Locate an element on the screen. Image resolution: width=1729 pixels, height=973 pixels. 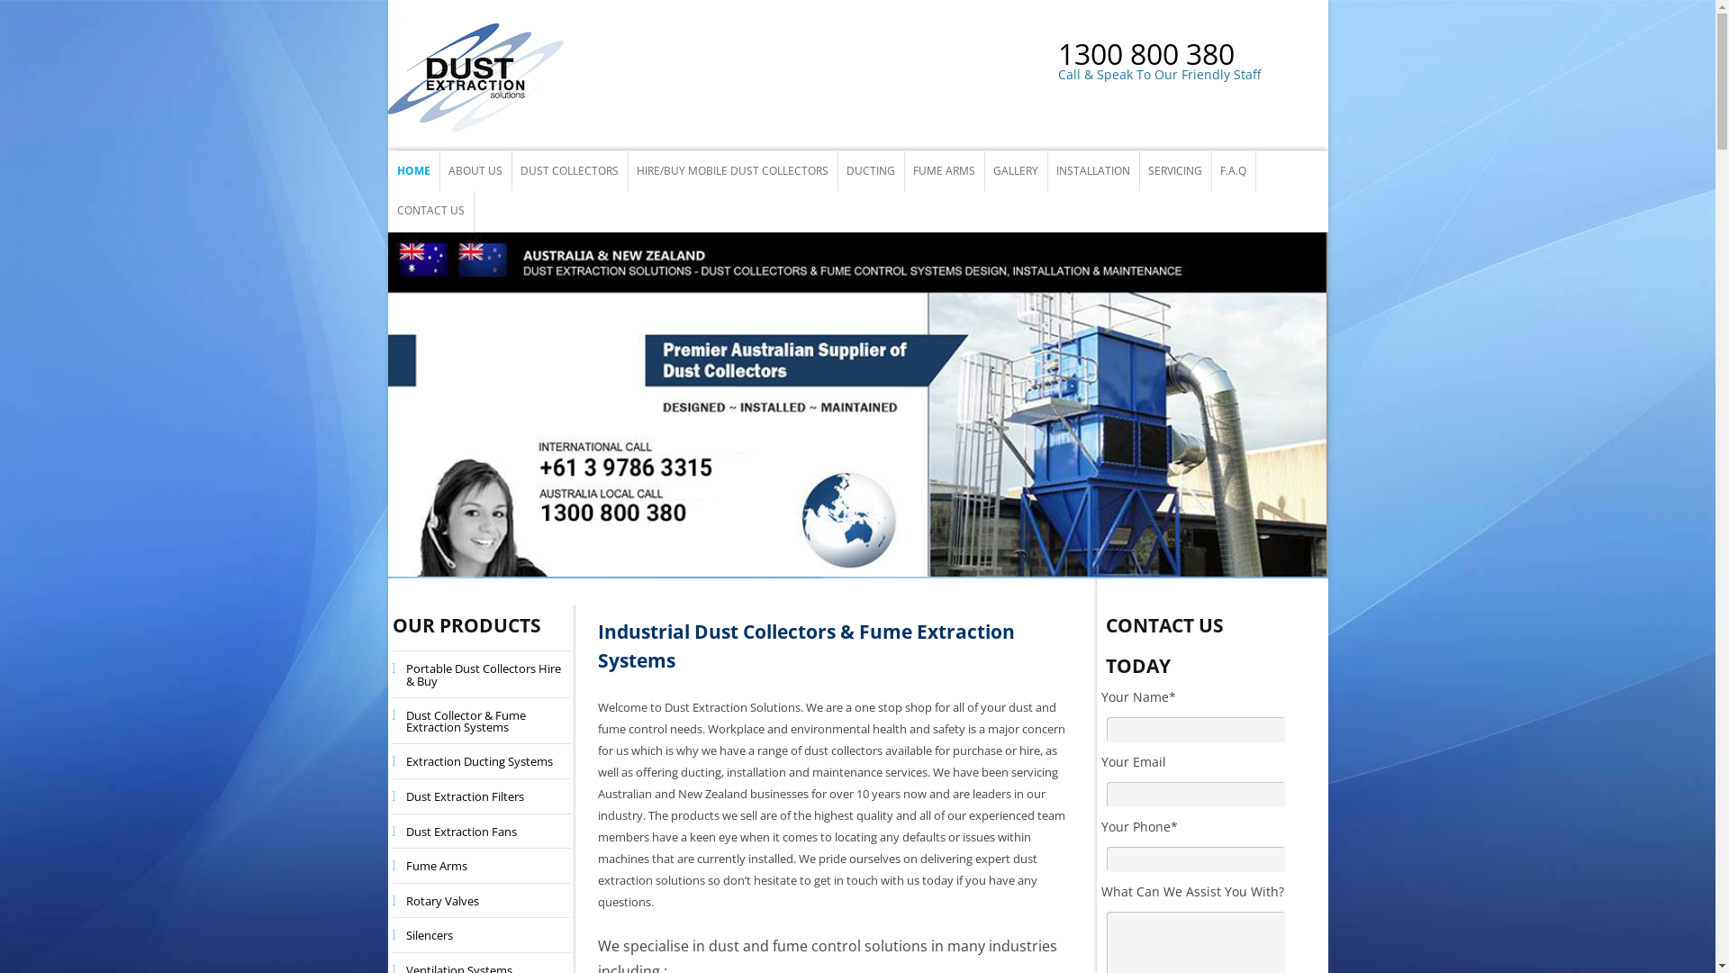
'INSTALLATION' is located at coordinates (1091, 170).